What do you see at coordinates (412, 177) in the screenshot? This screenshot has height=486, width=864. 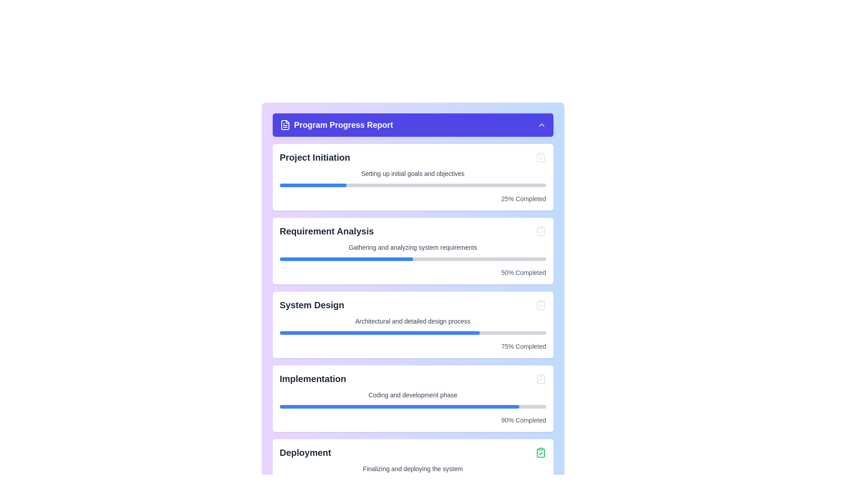 I see `the completion percentage of the Progress Card labeled 'Project Initiation' located at the top of the list of cards under the 'Program Progress Report' header` at bounding box center [412, 177].